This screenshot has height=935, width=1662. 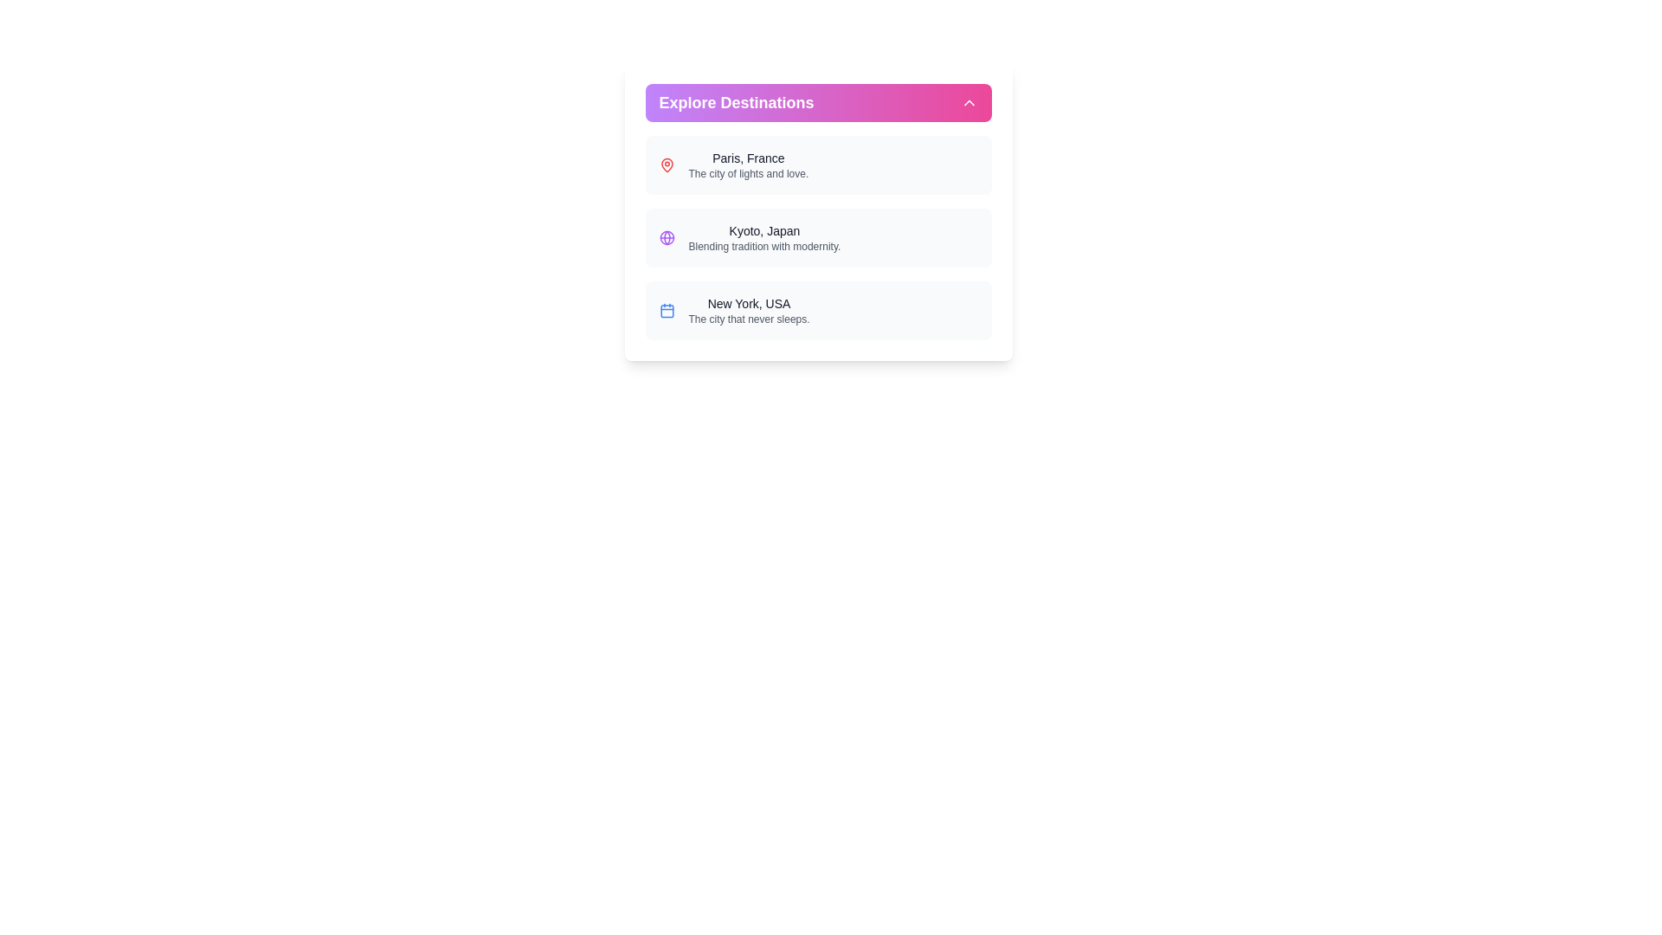 What do you see at coordinates (763, 247) in the screenshot?
I see `the static text element reading 'Blending tradition with modernity.' which is located beneath 'Kyoto, Japan' and above 'New York, USA.'` at bounding box center [763, 247].